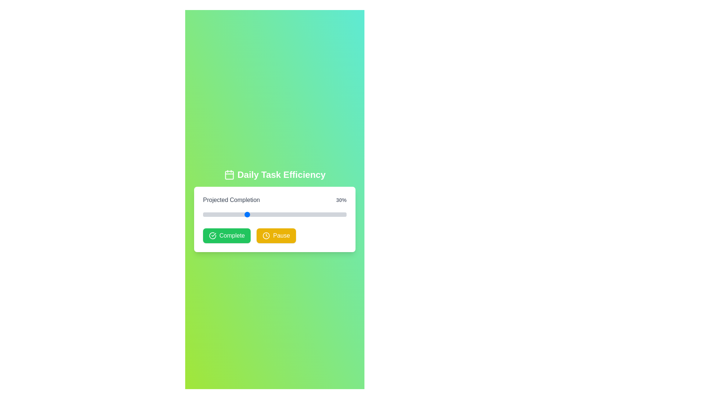 This screenshot has width=714, height=401. Describe the element at coordinates (336, 215) in the screenshot. I see `the slider to set the progress to 93%` at that location.